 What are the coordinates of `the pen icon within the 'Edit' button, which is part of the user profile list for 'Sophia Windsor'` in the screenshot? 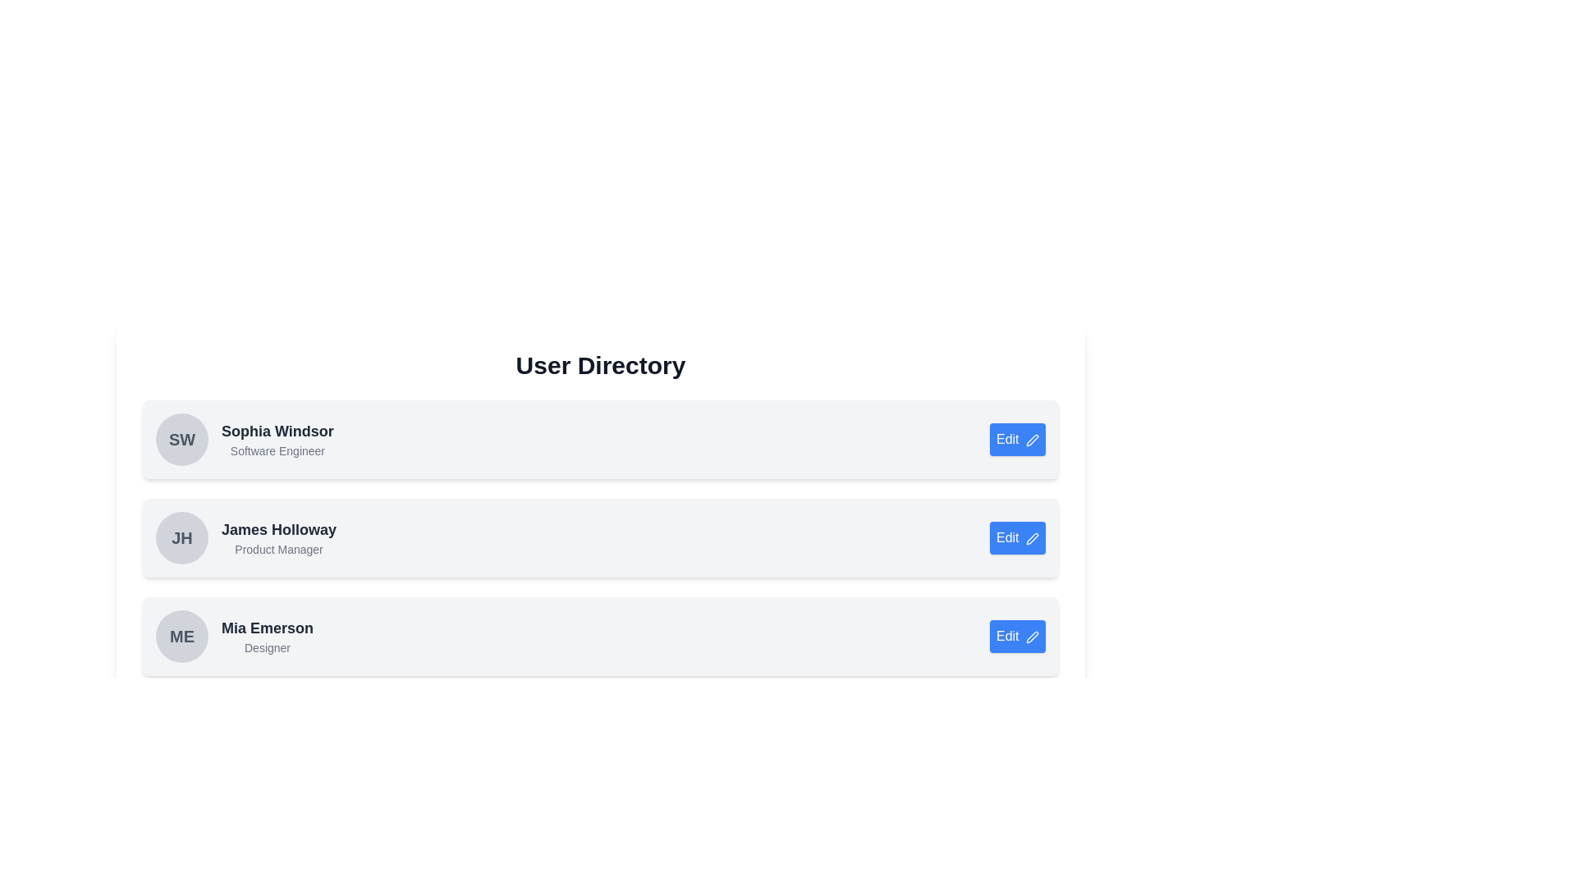 It's located at (1031, 439).